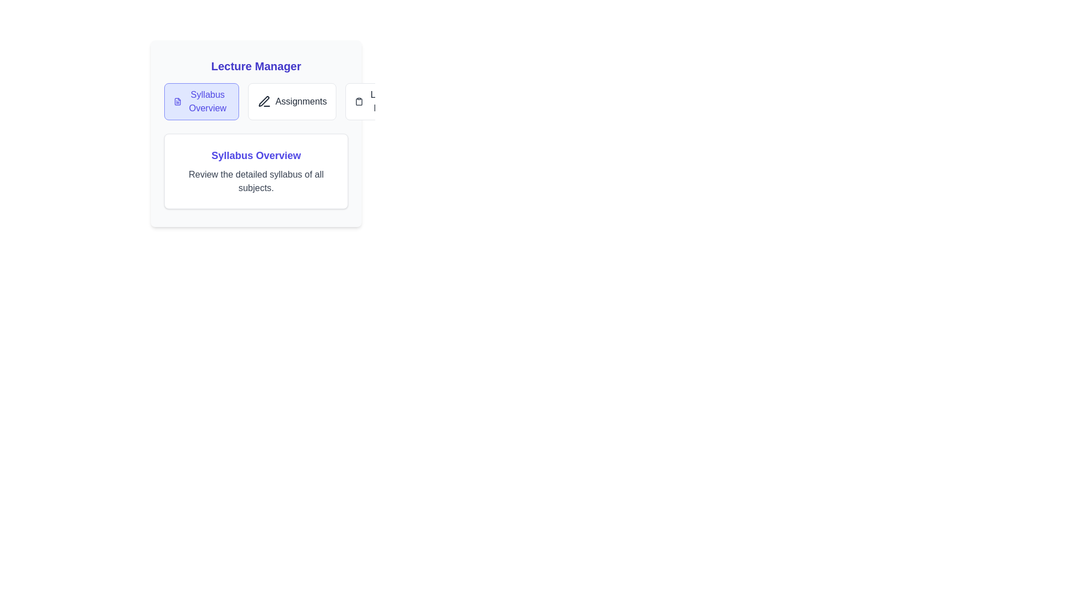 The height and width of the screenshot is (607, 1080). Describe the element at coordinates (177, 102) in the screenshot. I see `the SVG Icon representing the syllabus document, located inside the 'Syllabus Overview' button, to the left of the textual label` at that location.